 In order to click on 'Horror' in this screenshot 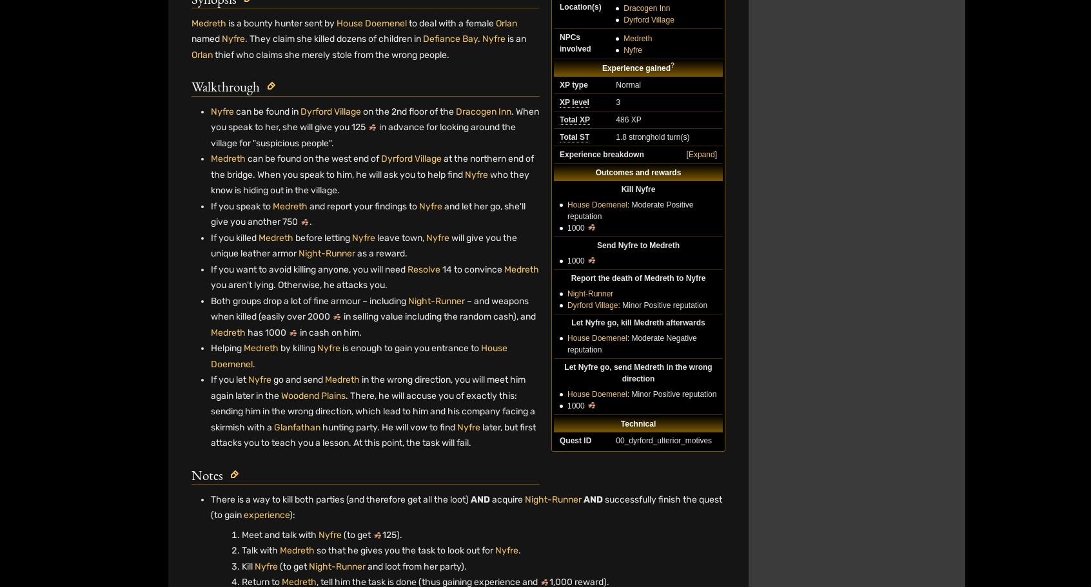, I will do `click(258, 15)`.